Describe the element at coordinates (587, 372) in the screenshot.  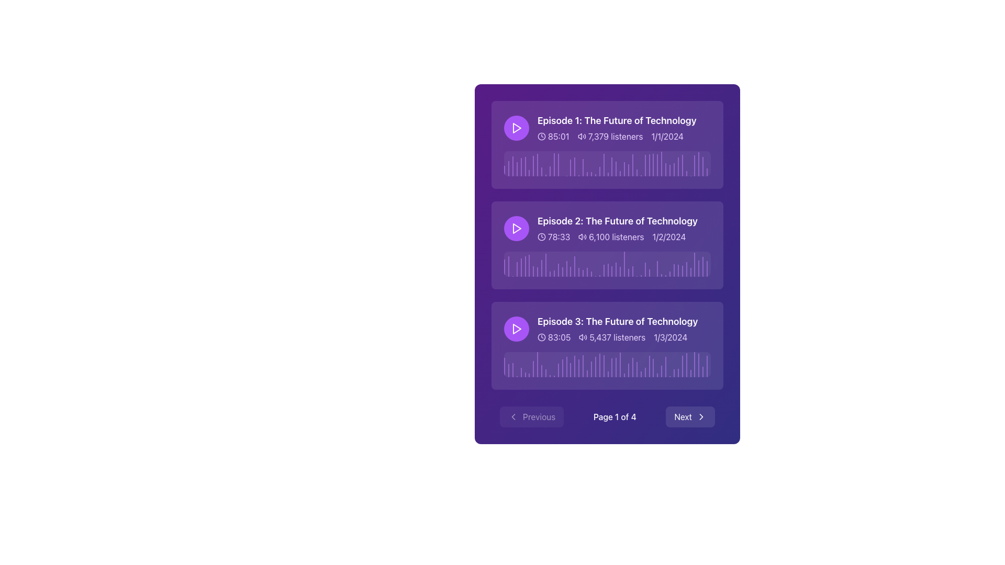
I see `the 21st vertical Waveform bar, which is a thin purple semi-transparent rectangle located below the audio track information box labeled 'Episode 3: The Future of Technology'` at that location.